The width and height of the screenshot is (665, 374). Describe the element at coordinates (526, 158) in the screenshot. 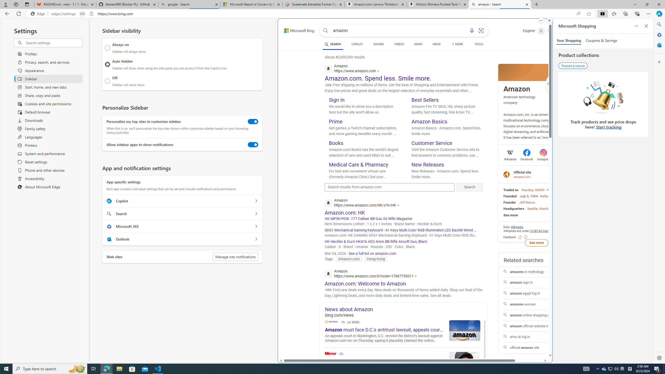

I see `'Facebook'` at that location.